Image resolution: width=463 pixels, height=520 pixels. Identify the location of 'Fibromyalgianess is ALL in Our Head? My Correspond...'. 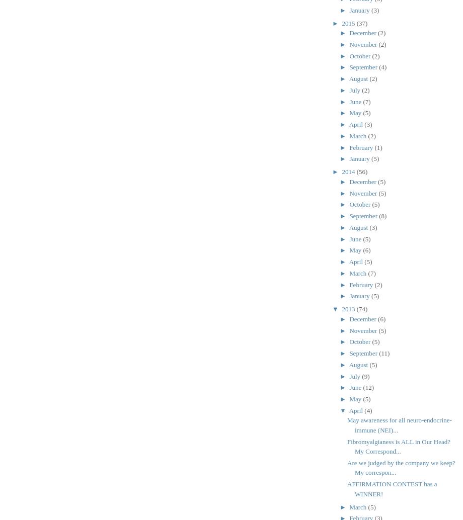
(399, 446).